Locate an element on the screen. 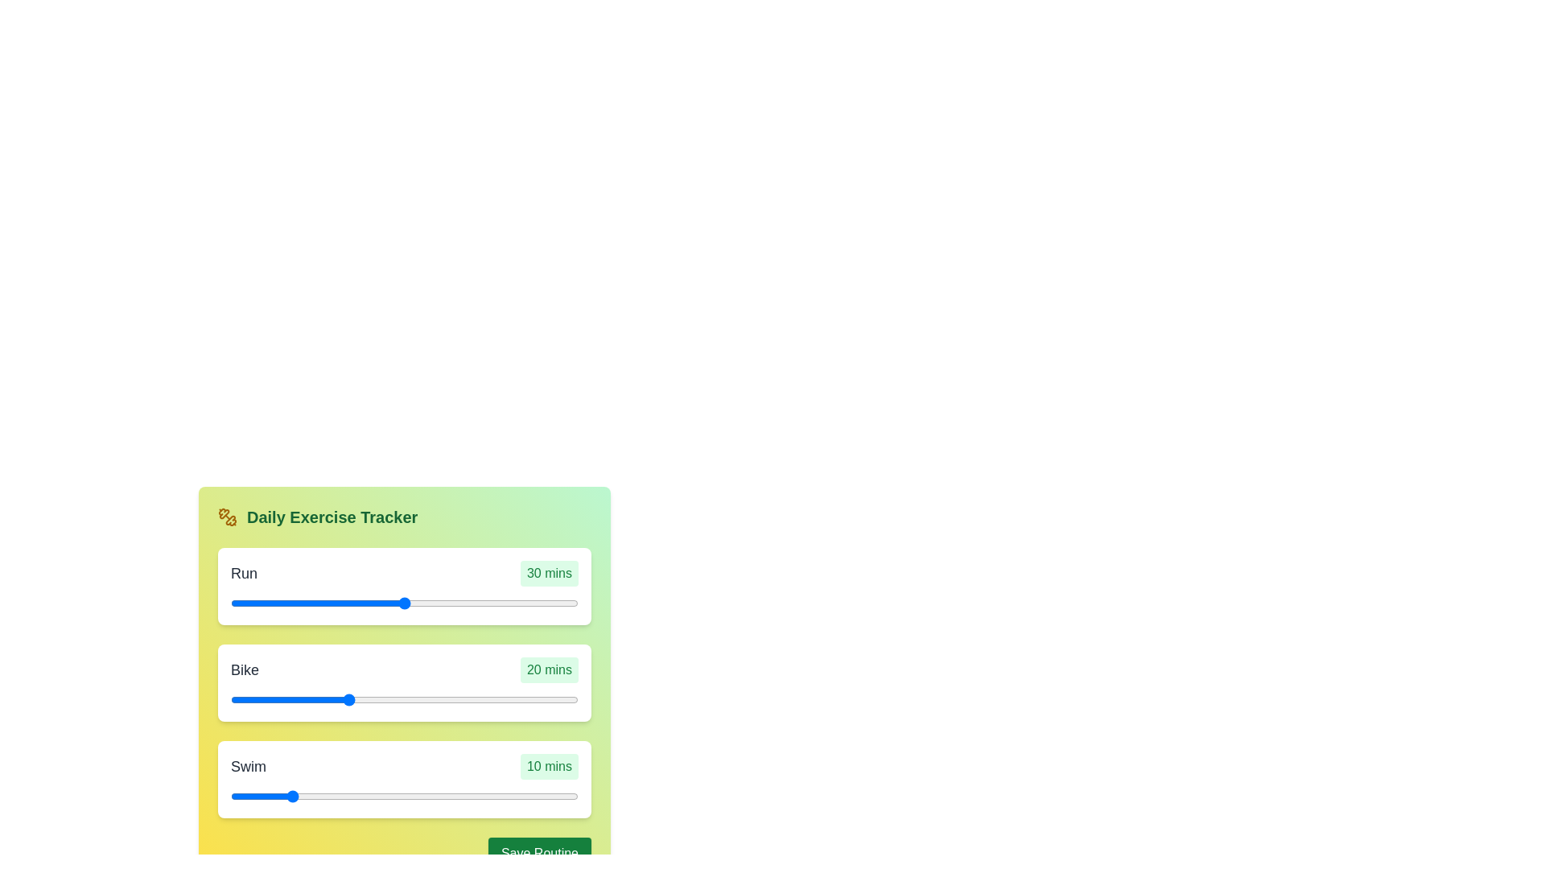  the 'Save Routine' button is located at coordinates (540, 852).